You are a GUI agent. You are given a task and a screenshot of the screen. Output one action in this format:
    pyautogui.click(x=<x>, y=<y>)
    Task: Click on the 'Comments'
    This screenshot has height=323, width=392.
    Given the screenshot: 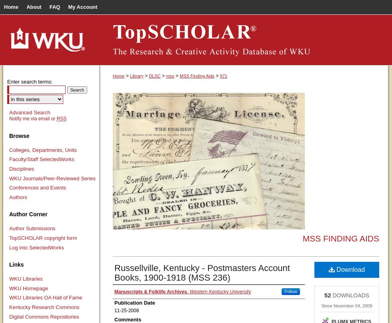 What is the action you would take?
    pyautogui.click(x=128, y=319)
    